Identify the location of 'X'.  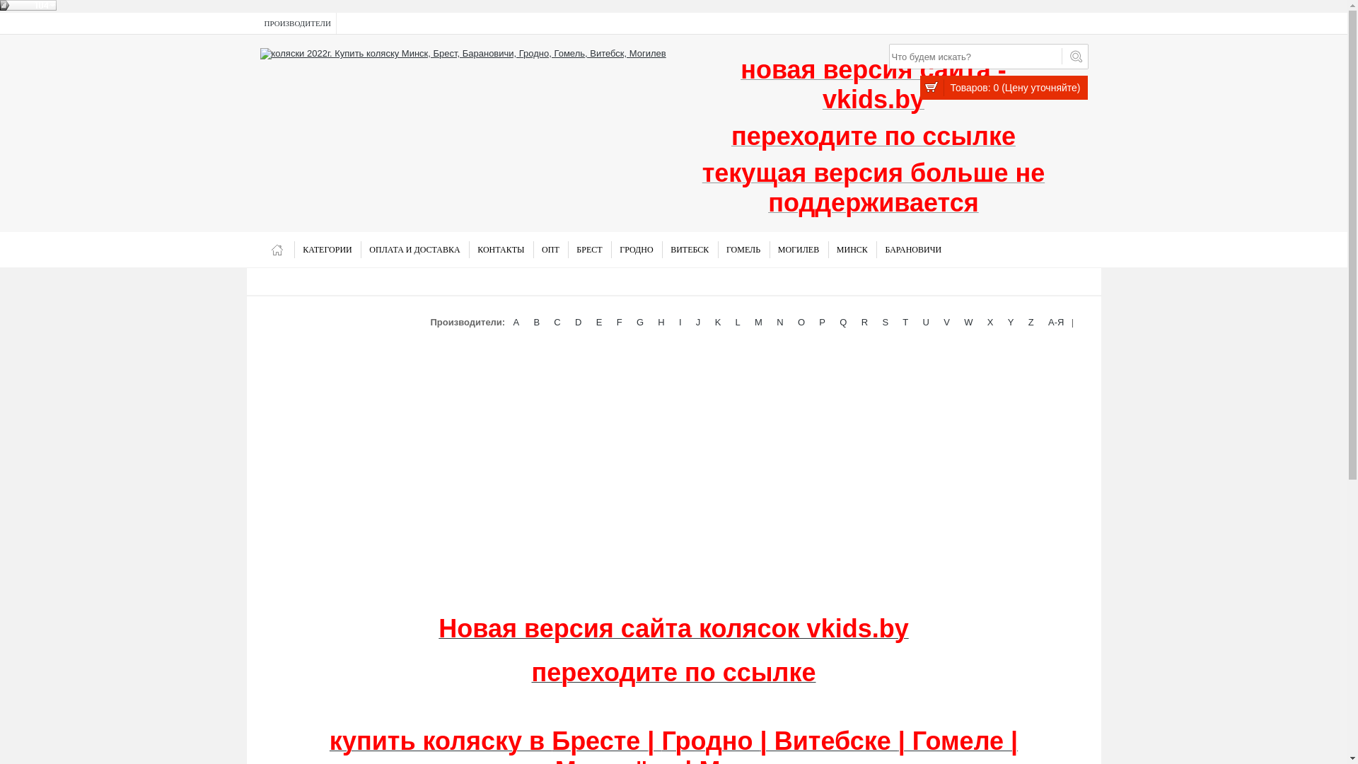
(983, 322).